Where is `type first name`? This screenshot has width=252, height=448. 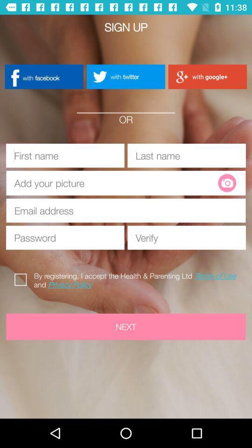 type first name is located at coordinates (64, 155).